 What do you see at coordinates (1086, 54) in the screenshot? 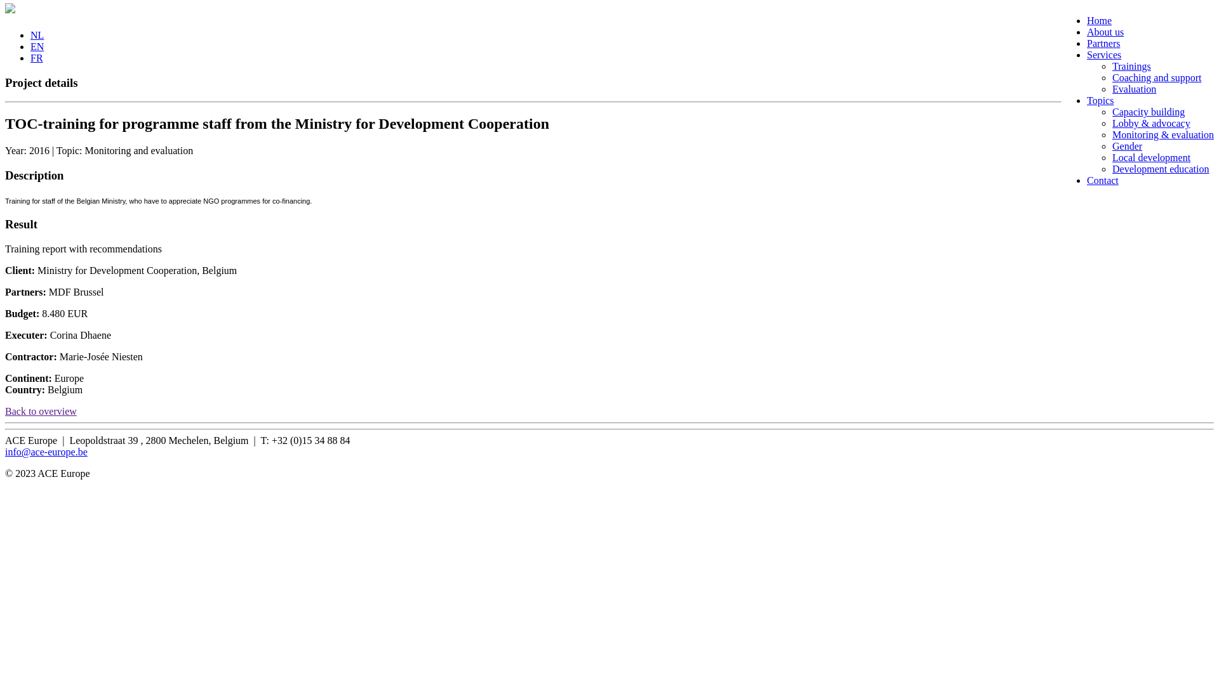
I see `'Services'` at bounding box center [1086, 54].